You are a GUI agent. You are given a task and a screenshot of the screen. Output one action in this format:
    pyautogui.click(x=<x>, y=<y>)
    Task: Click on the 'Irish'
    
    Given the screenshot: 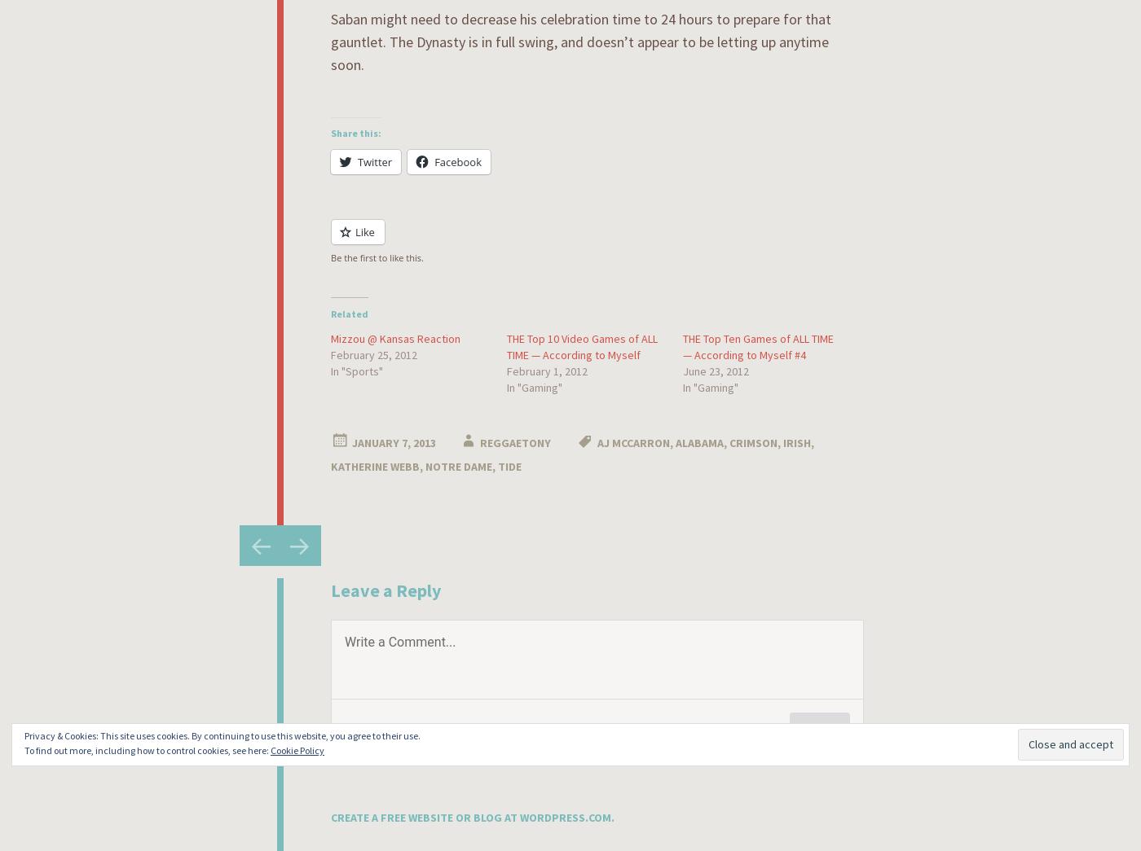 What is the action you would take?
    pyautogui.click(x=797, y=441)
    